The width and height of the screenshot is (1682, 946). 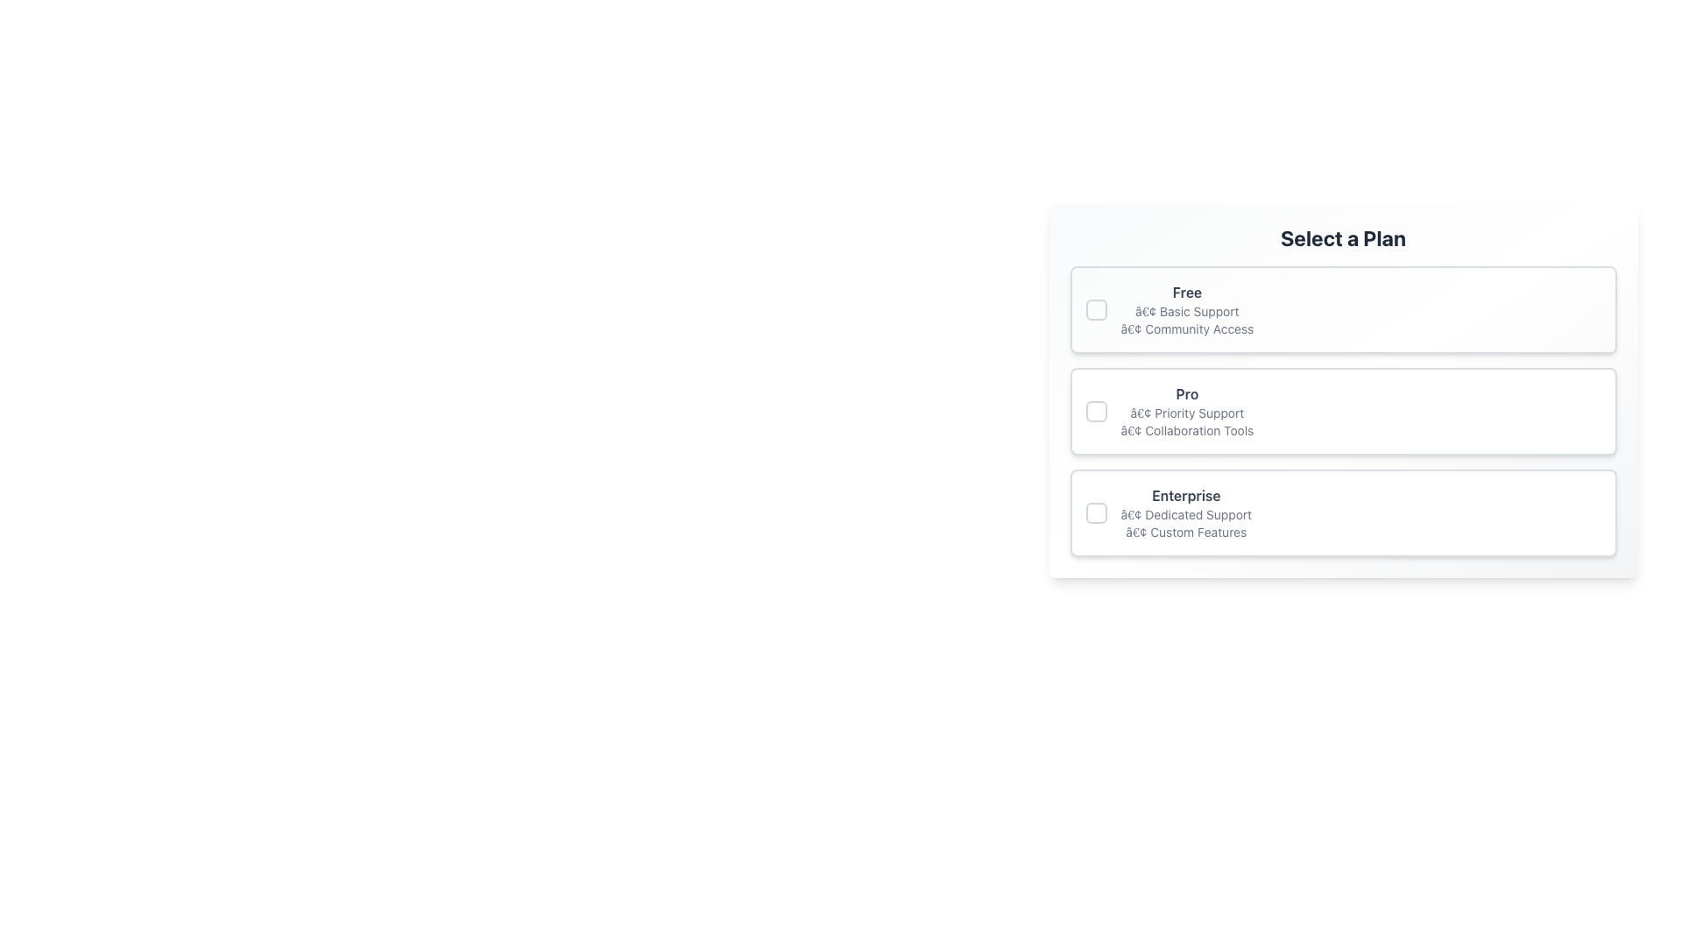 I want to click on text element labeled '• Priority Support' located in the 'Pro' section of the selection form, so click(x=1187, y=413).